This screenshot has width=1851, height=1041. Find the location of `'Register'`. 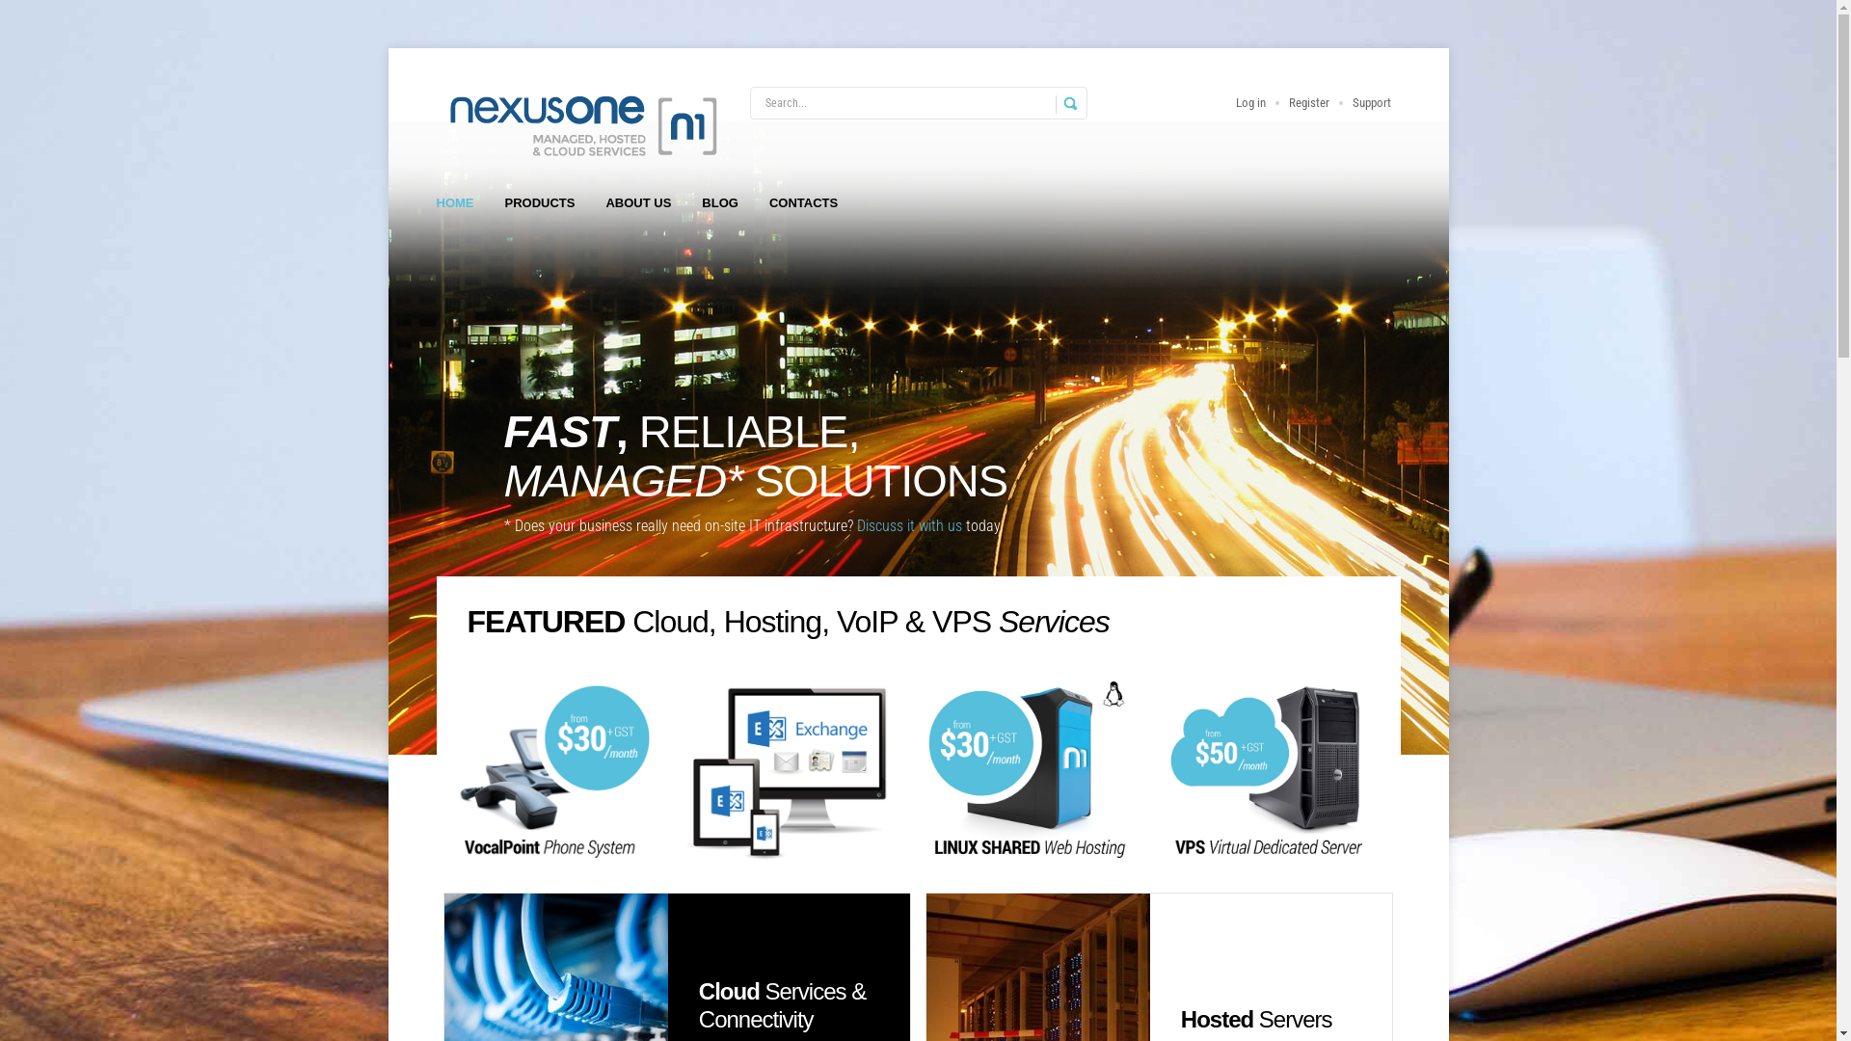

'Register' is located at coordinates (1308, 102).